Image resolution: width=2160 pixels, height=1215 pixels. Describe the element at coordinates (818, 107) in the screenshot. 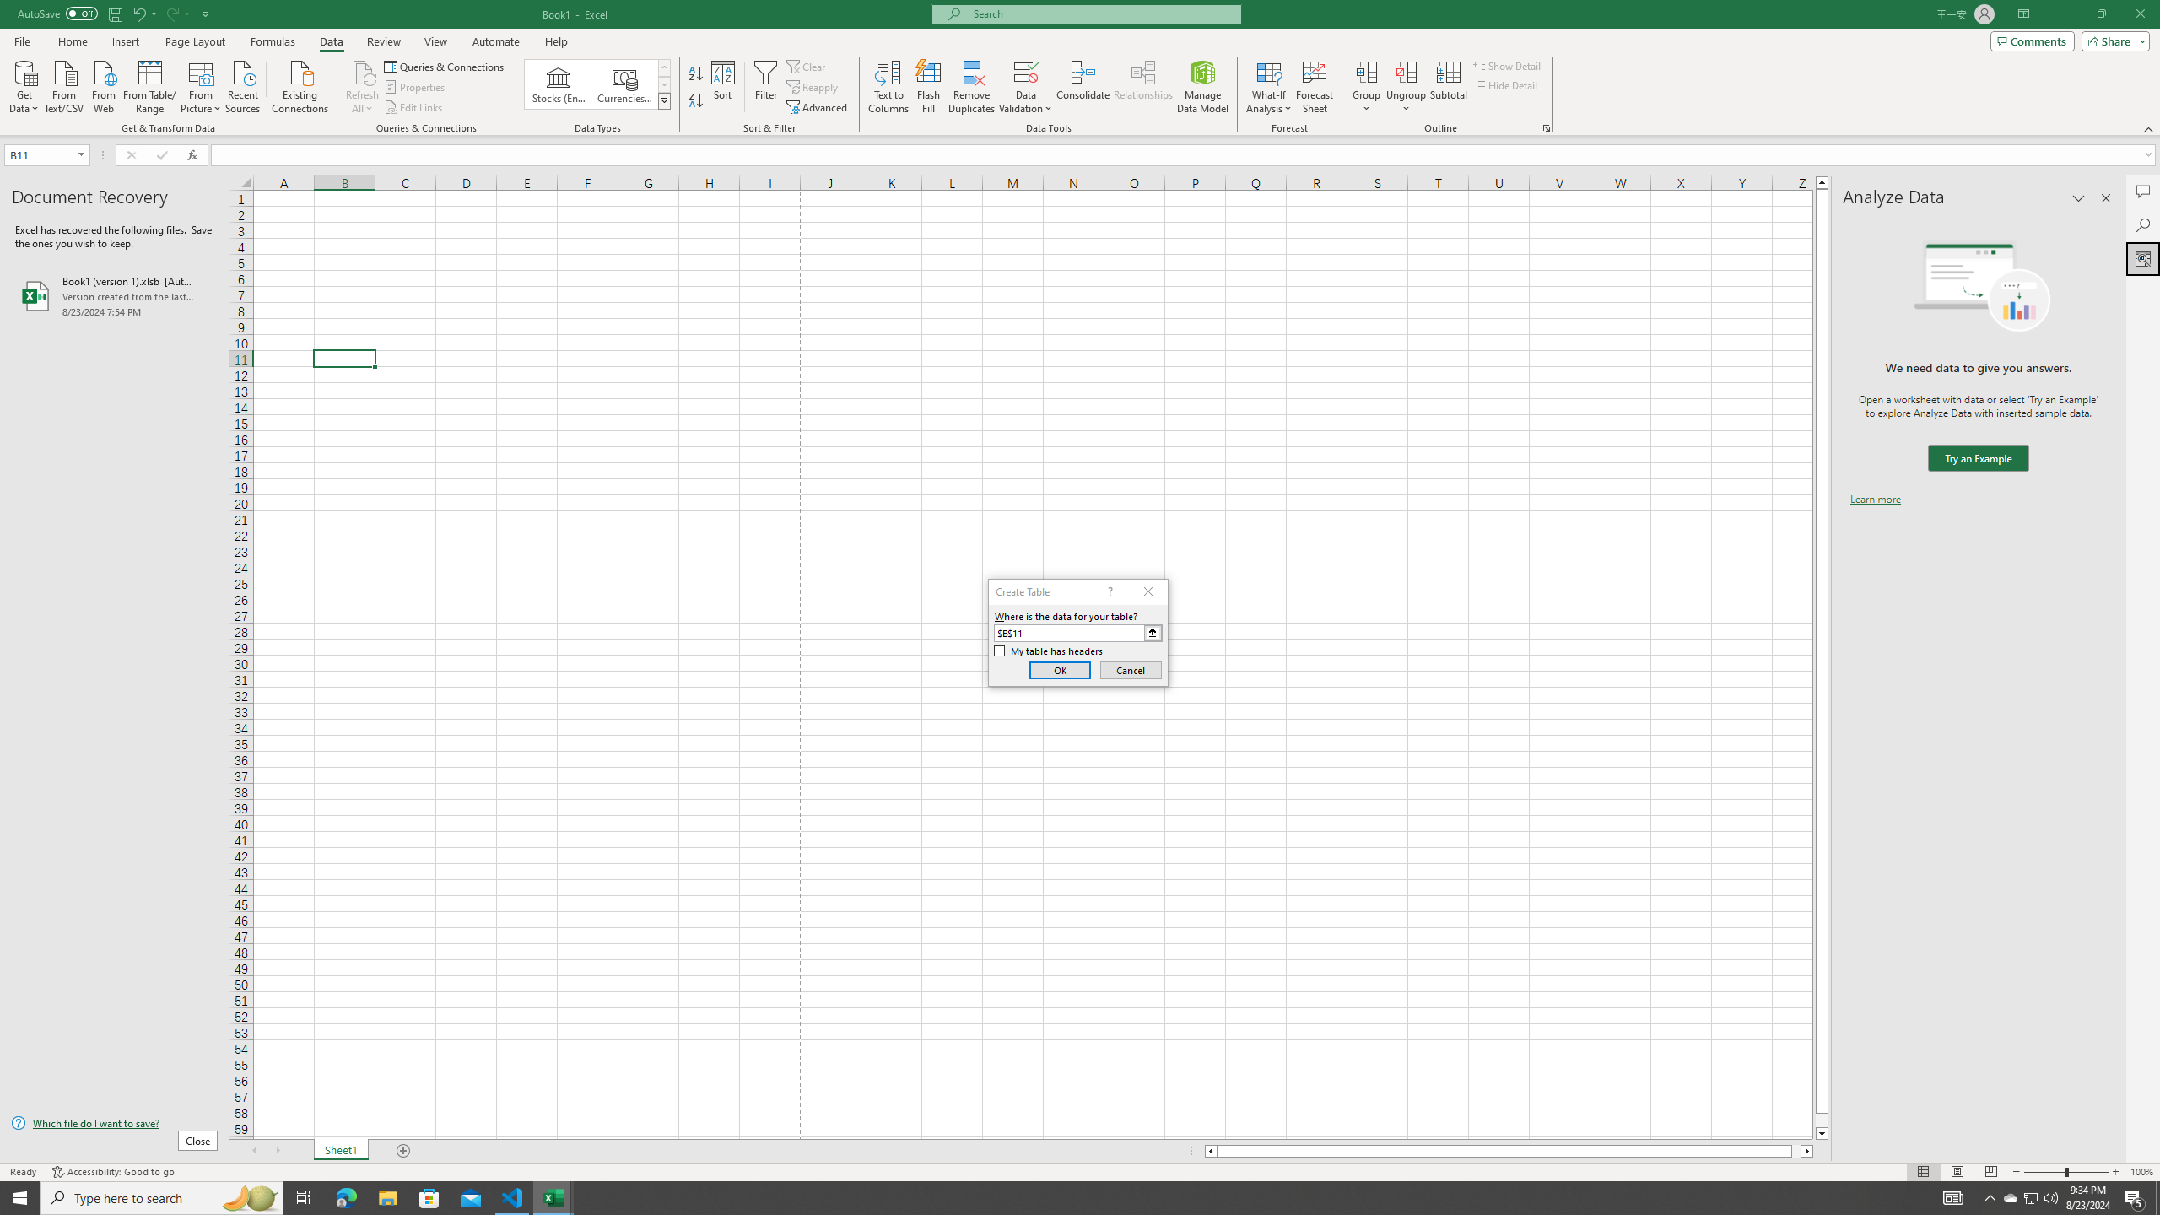

I see `'Advanced...'` at that location.